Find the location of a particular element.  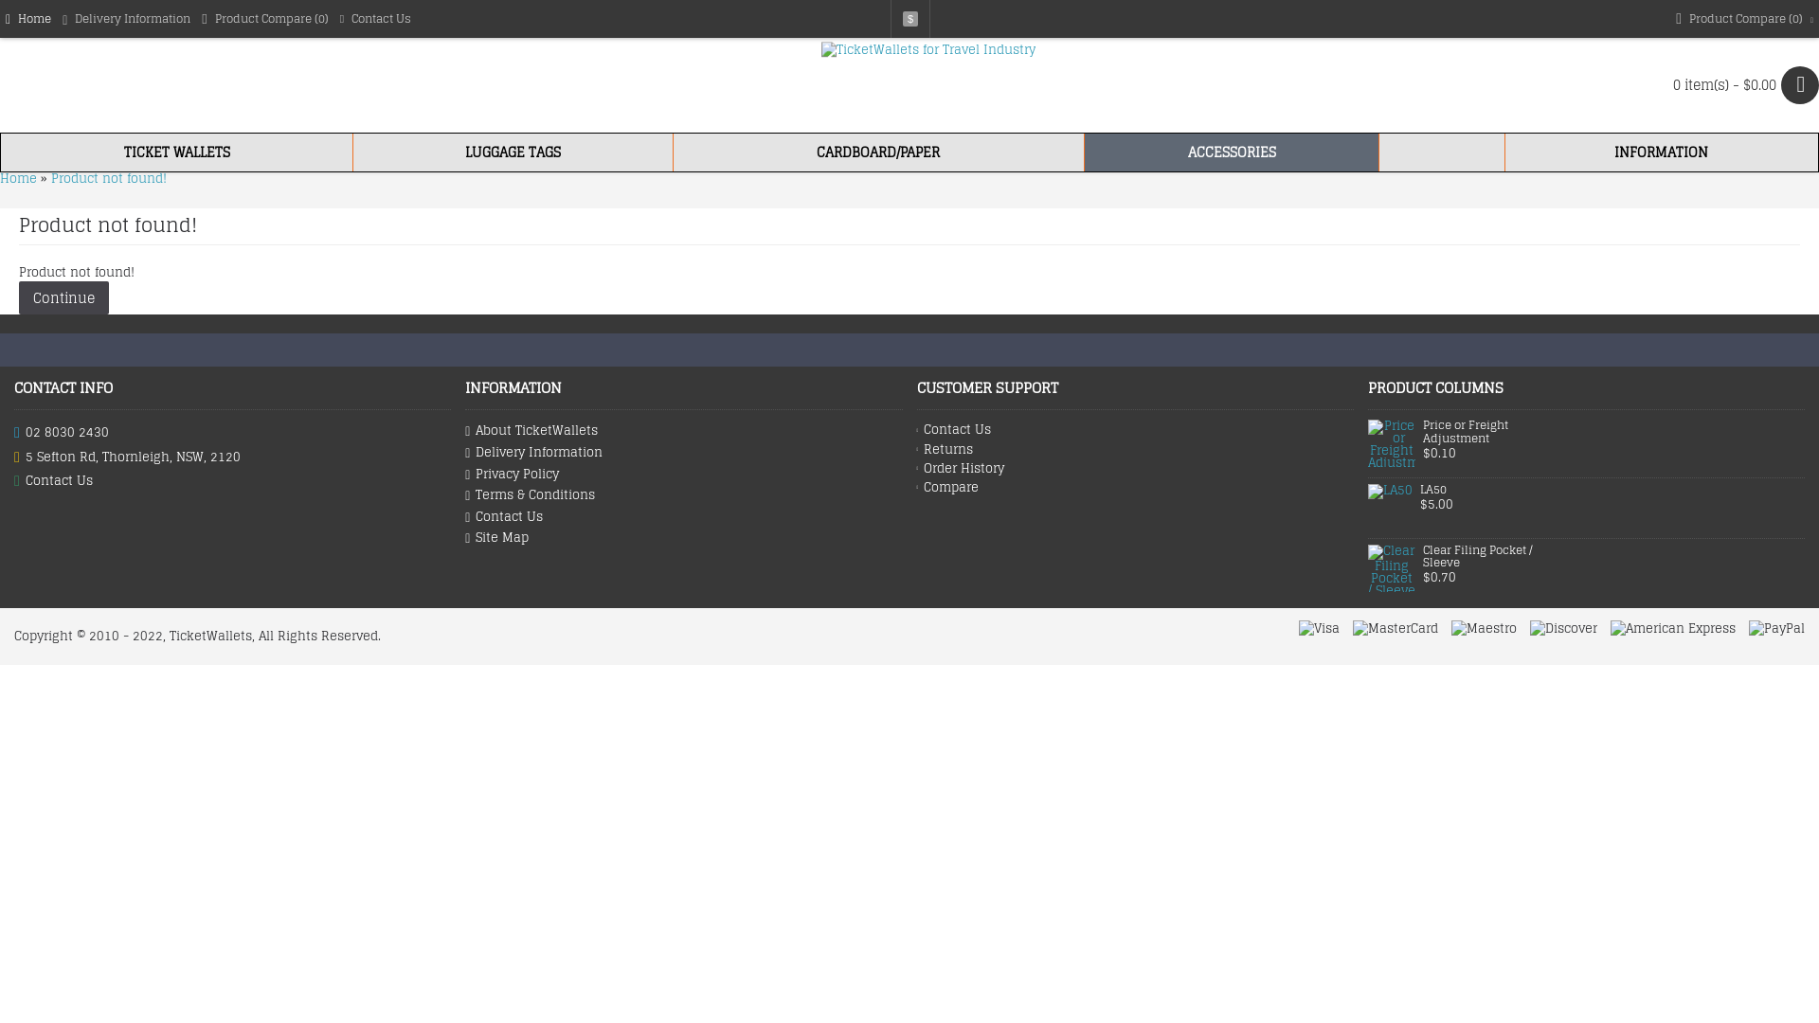

'Delivery Information' is located at coordinates (682, 453).